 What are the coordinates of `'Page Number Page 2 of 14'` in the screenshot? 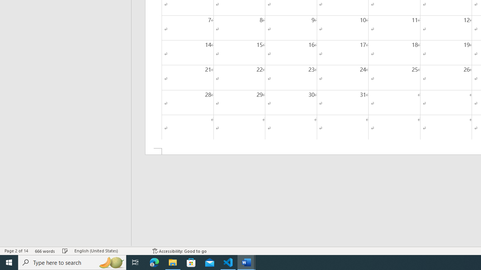 It's located at (16, 251).